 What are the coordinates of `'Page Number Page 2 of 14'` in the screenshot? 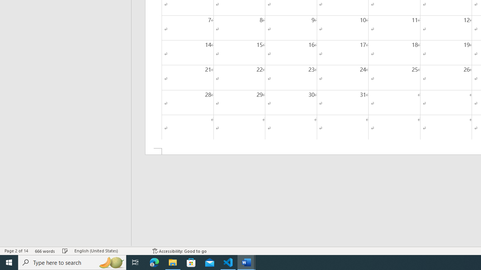 It's located at (16, 251).